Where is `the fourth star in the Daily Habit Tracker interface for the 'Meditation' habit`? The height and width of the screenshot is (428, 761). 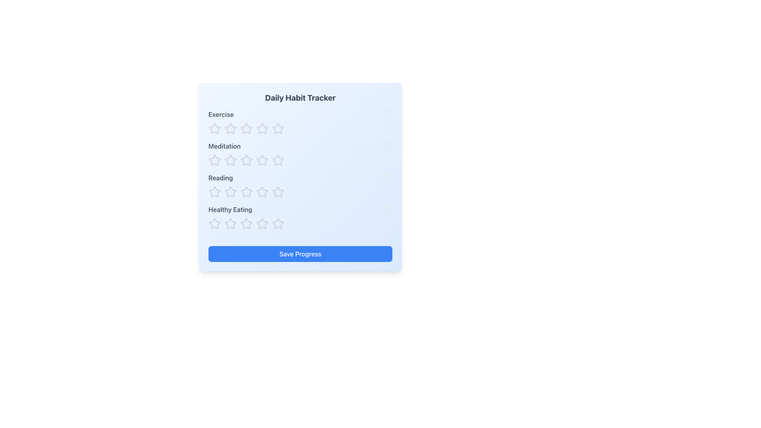
the fourth star in the Daily Habit Tracker interface for the 'Meditation' habit is located at coordinates (262, 160).